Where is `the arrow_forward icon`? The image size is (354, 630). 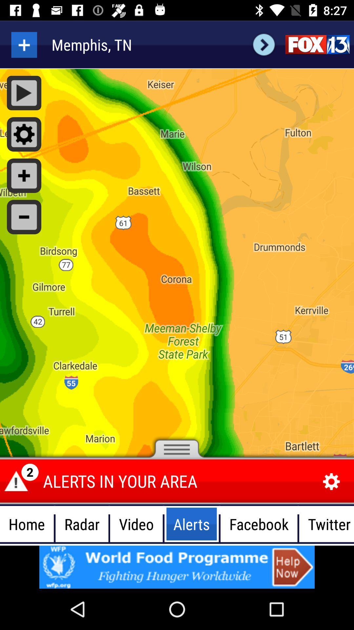 the arrow_forward icon is located at coordinates (264, 44).